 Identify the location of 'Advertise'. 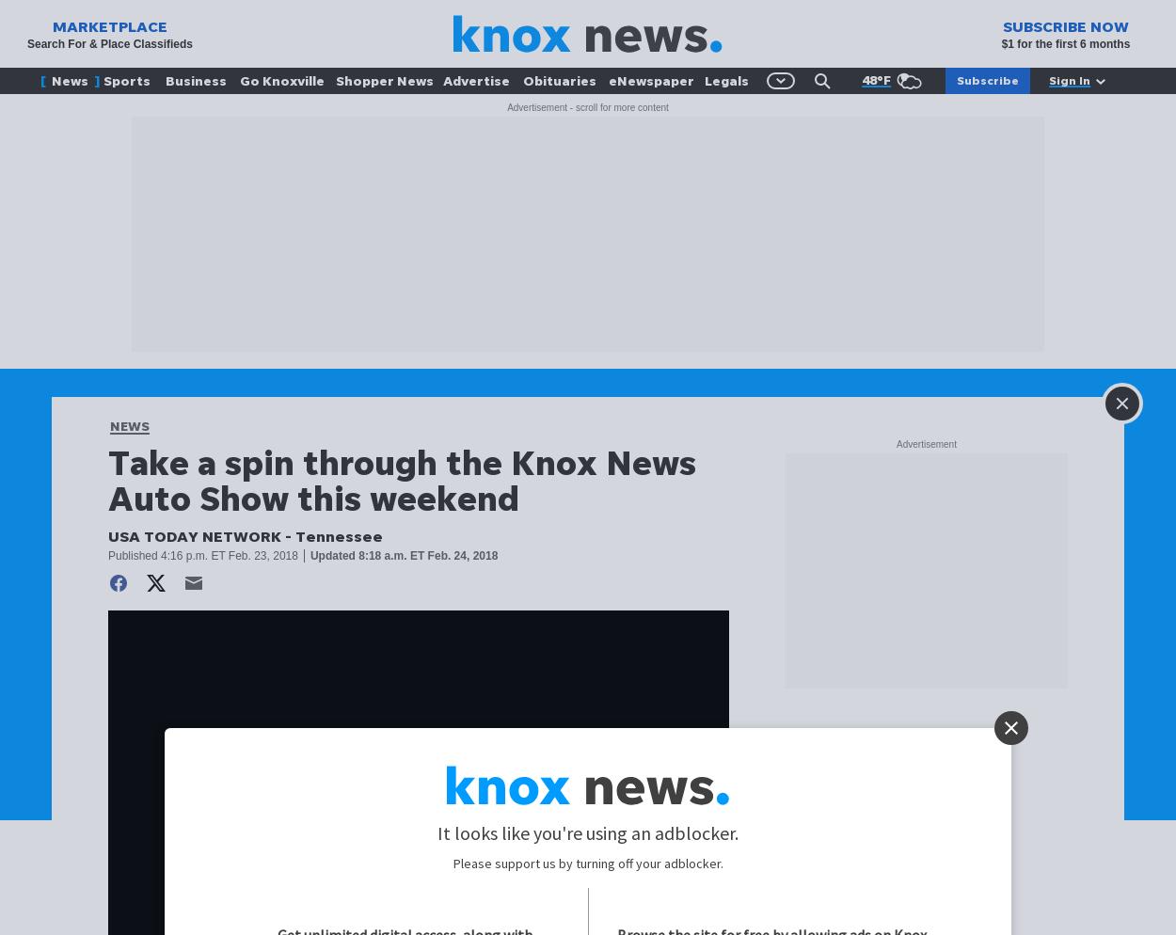
(476, 80).